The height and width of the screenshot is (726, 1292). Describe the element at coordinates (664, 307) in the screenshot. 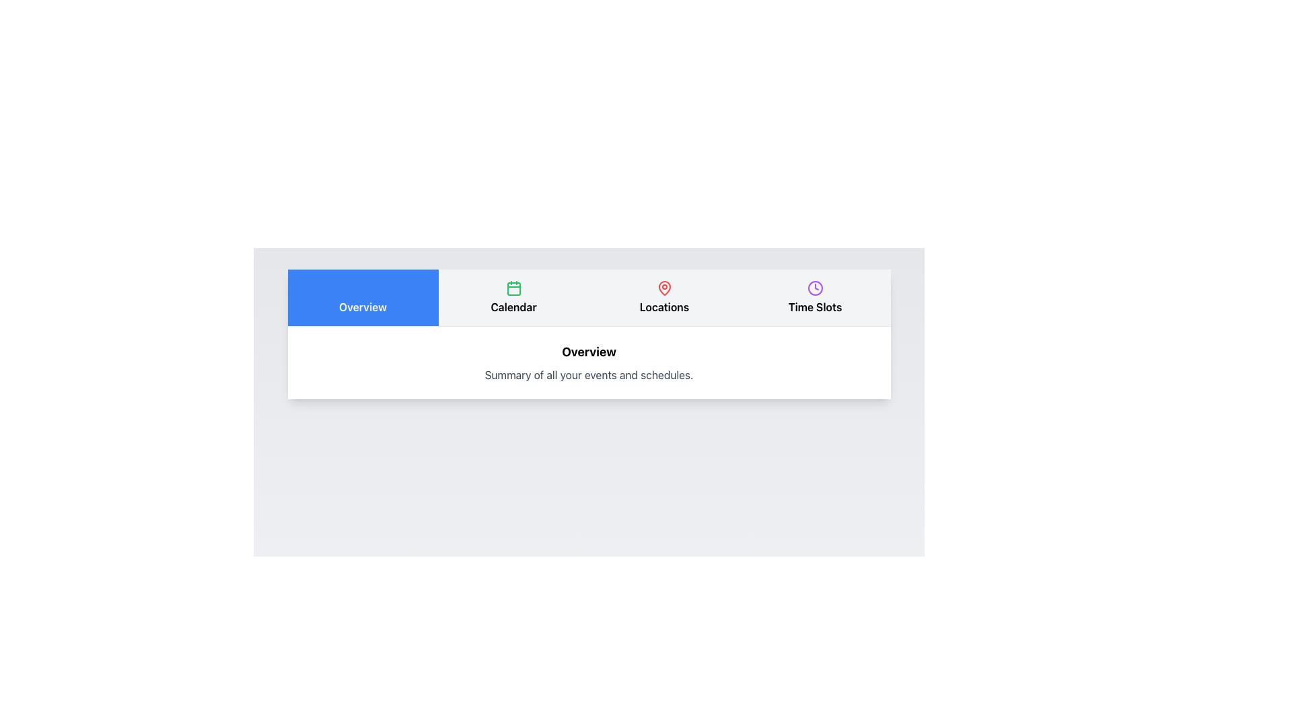

I see `the 'Locations' text label element` at that location.